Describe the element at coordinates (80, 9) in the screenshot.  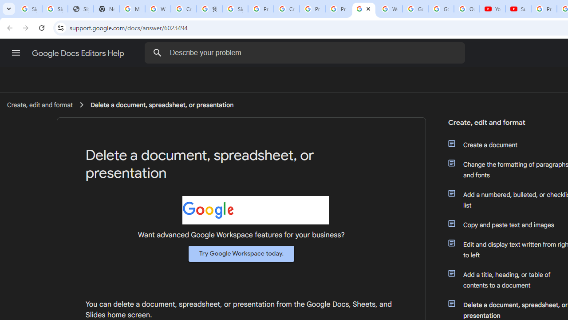
I see `'Sign In - USA TODAY'` at that location.